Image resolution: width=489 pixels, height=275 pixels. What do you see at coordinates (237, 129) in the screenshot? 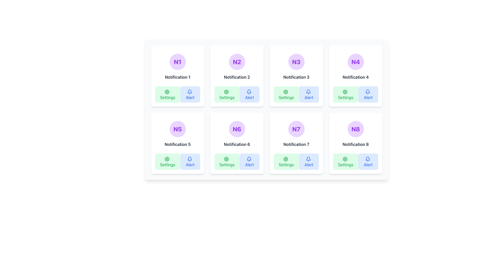
I see `the text label or badge displaying the identifier 'N6' located in the second row, third column of the grid layout` at bounding box center [237, 129].